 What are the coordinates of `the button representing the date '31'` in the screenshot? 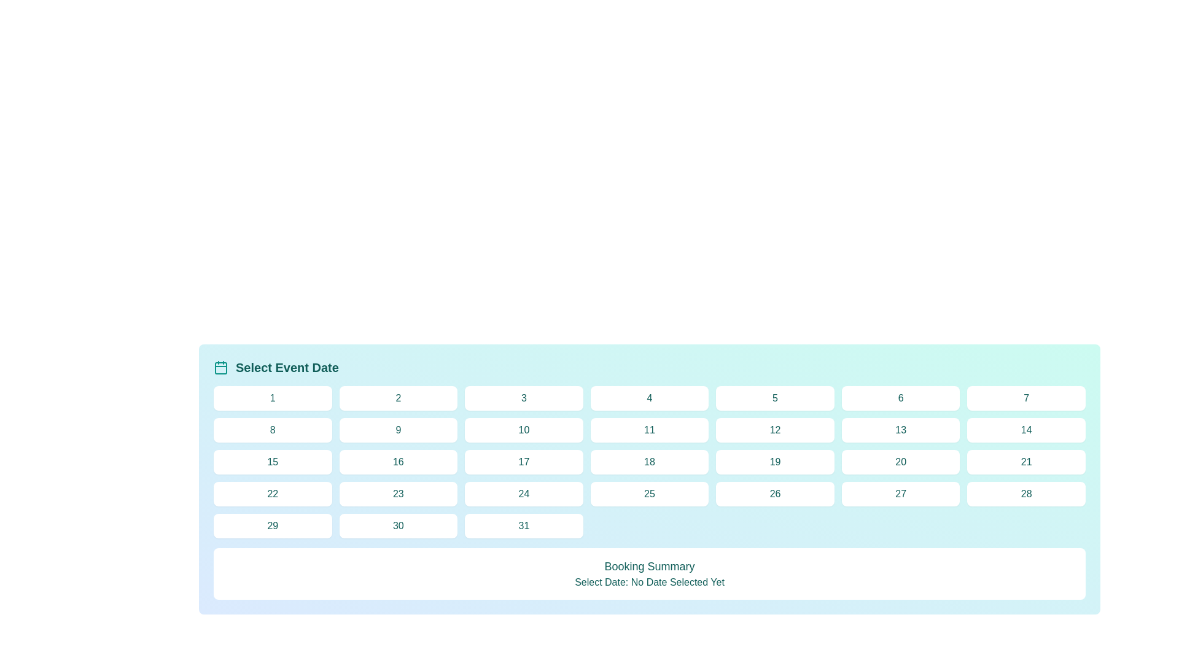 It's located at (524, 525).